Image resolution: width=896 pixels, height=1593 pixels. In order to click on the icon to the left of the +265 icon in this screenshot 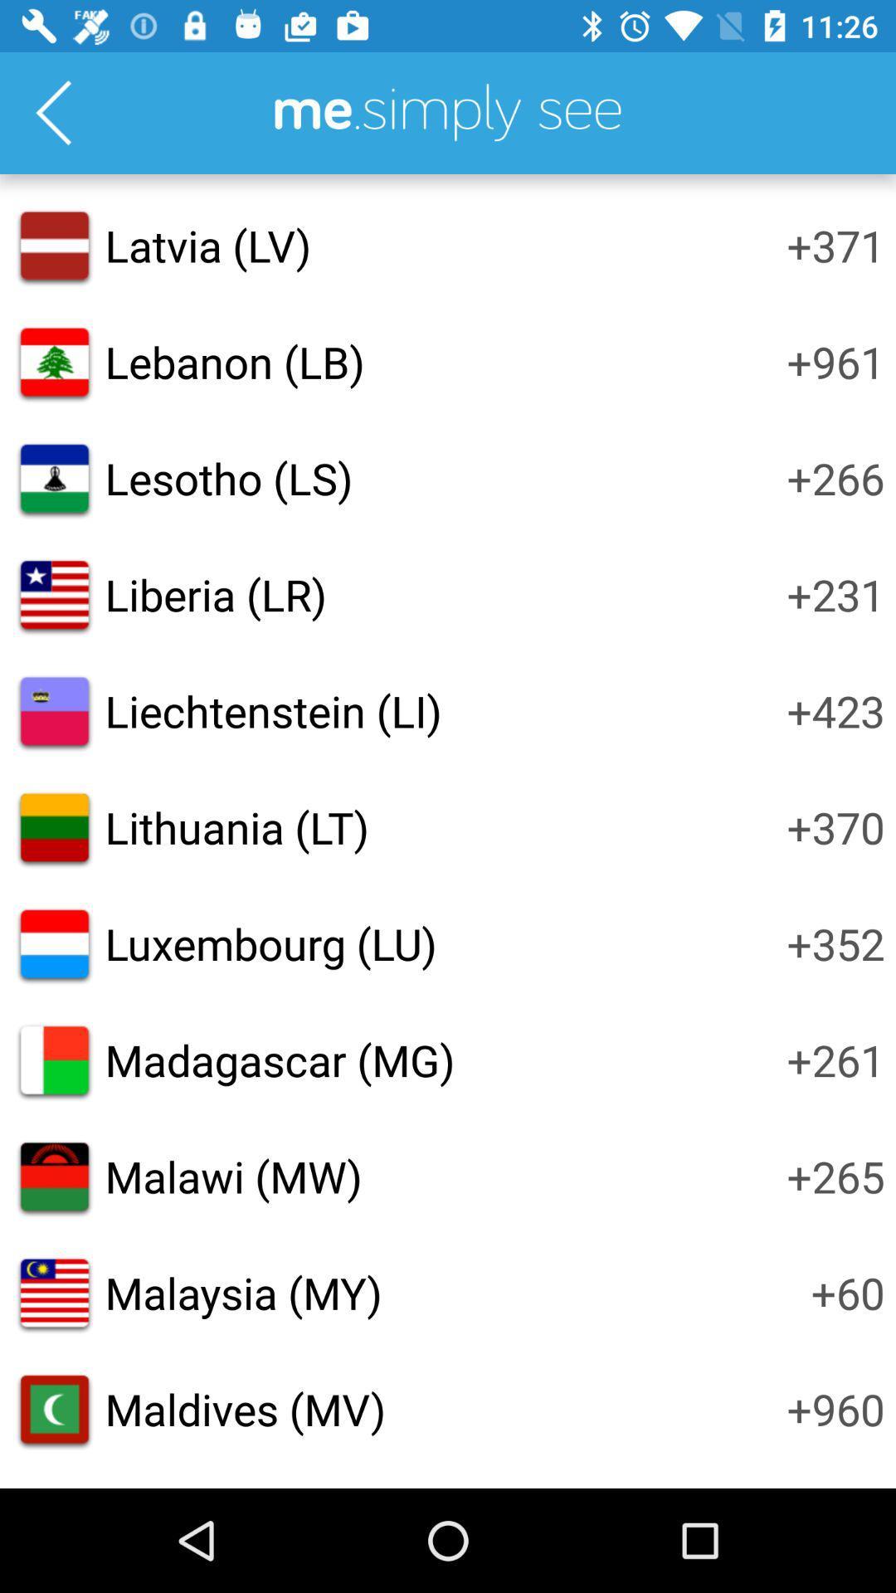, I will do `click(233, 1175)`.